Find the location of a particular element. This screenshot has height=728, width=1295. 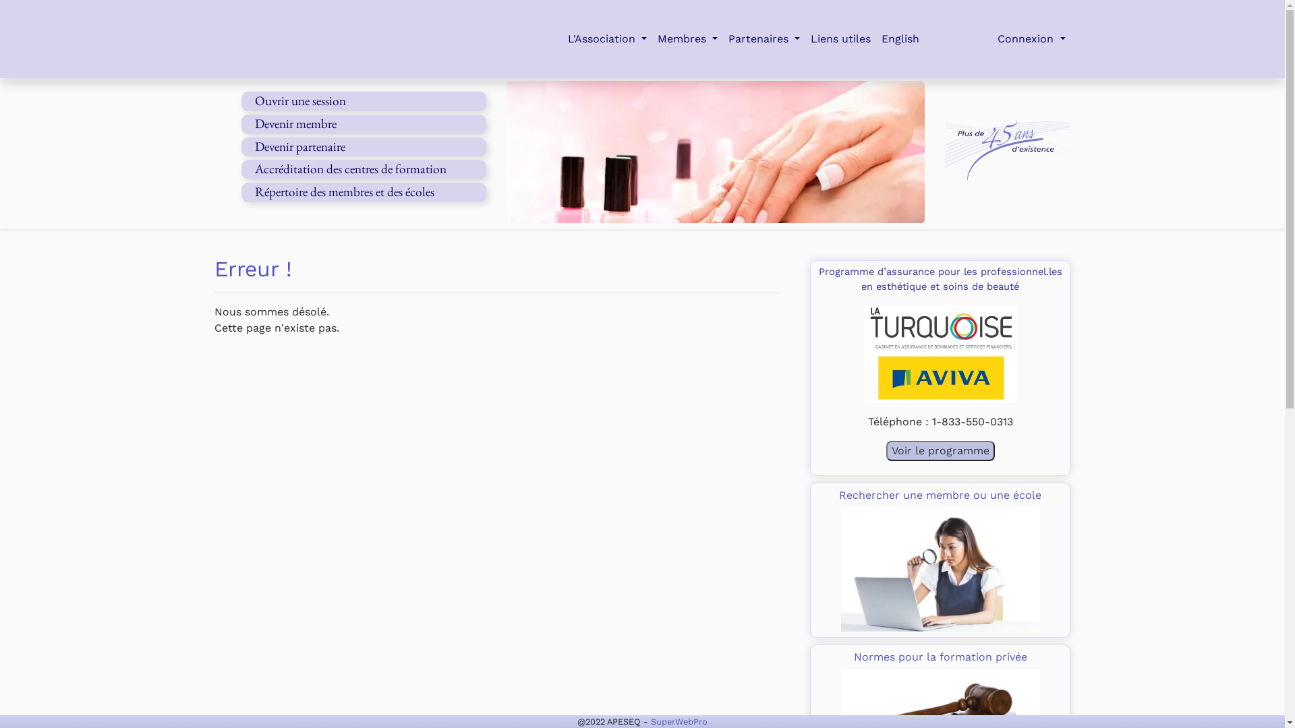

'Membres' is located at coordinates (687, 38).